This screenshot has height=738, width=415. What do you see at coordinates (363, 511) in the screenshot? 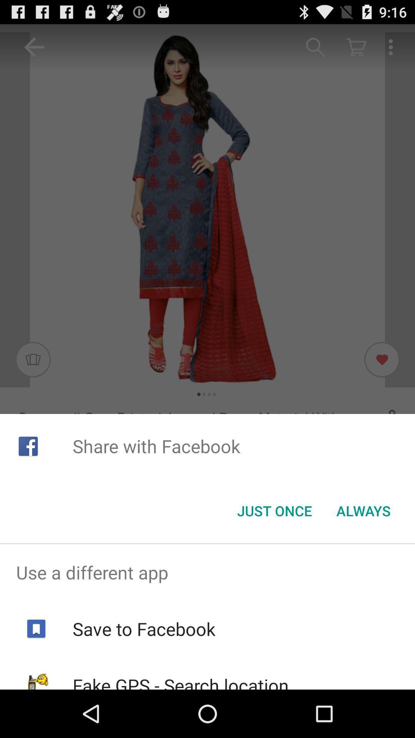
I see `the icon at the bottom right corner` at bounding box center [363, 511].